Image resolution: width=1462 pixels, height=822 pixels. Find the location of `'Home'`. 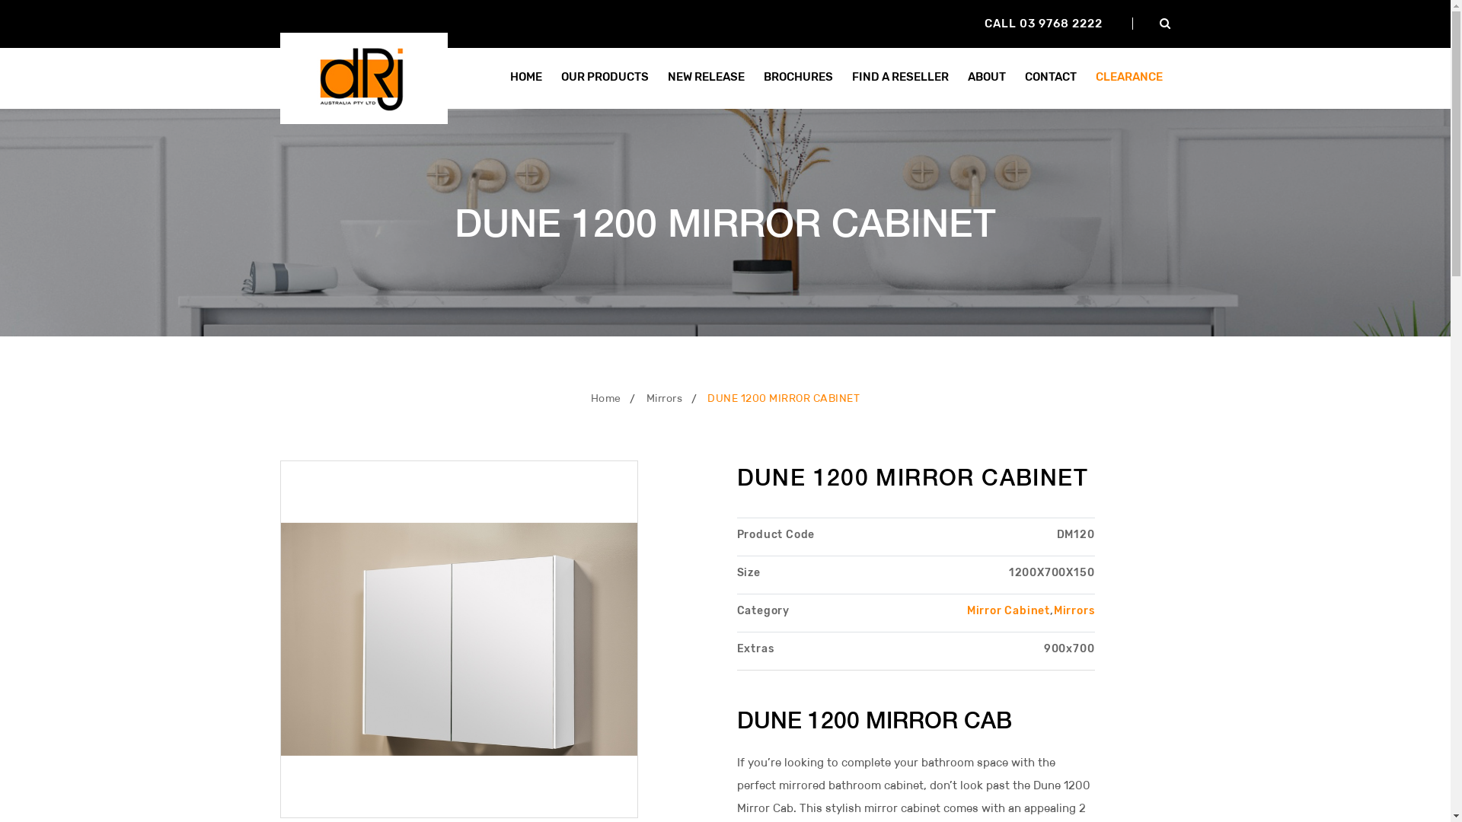

'Home' is located at coordinates (605, 397).